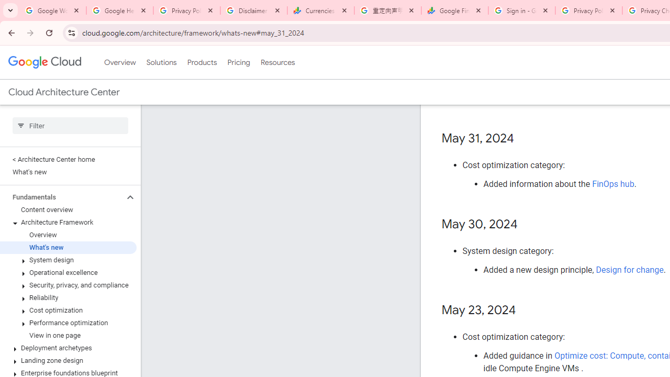 The width and height of the screenshot is (670, 377). What do you see at coordinates (68, 222) in the screenshot?
I see `'Architecture Framework'` at bounding box center [68, 222].